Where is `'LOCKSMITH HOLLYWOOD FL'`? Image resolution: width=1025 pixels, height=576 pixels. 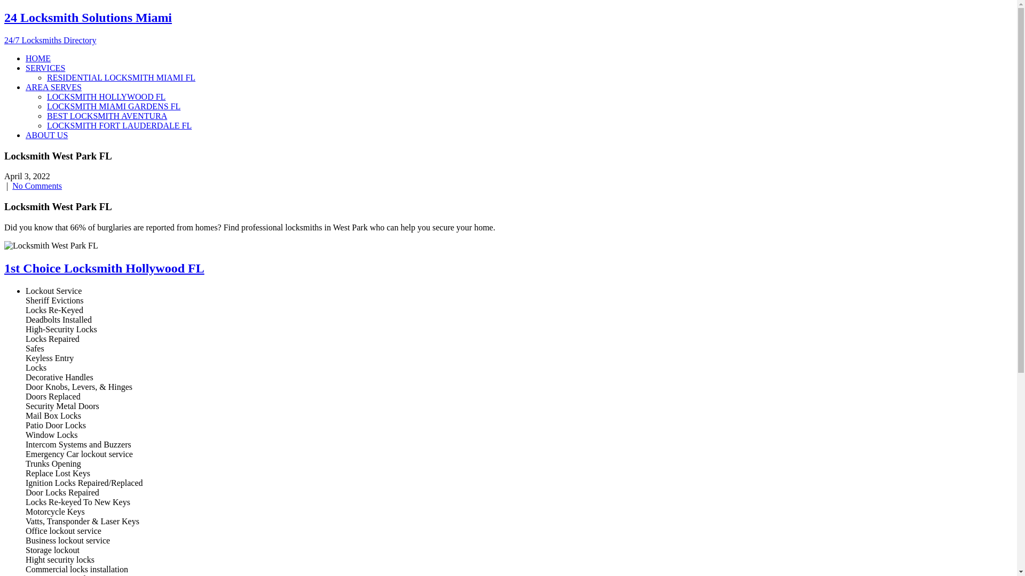
'LOCKSMITH HOLLYWOOD FL' is located at coordinates (106, 97).